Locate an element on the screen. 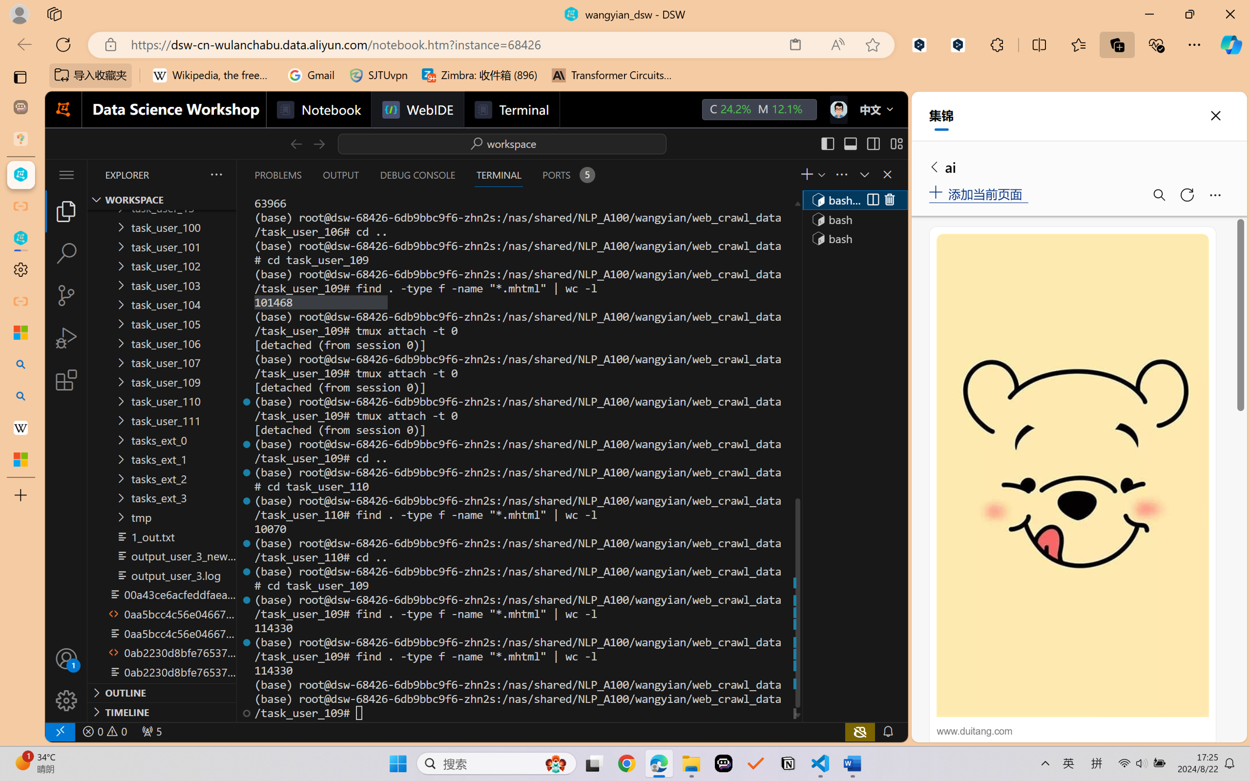 Image resolution: width=1250 pixels, height=781 pixels. 'Class: next-menu next-hoz widgets--iconMenu--BFkiHRM' is located at coordinates (837, 109).